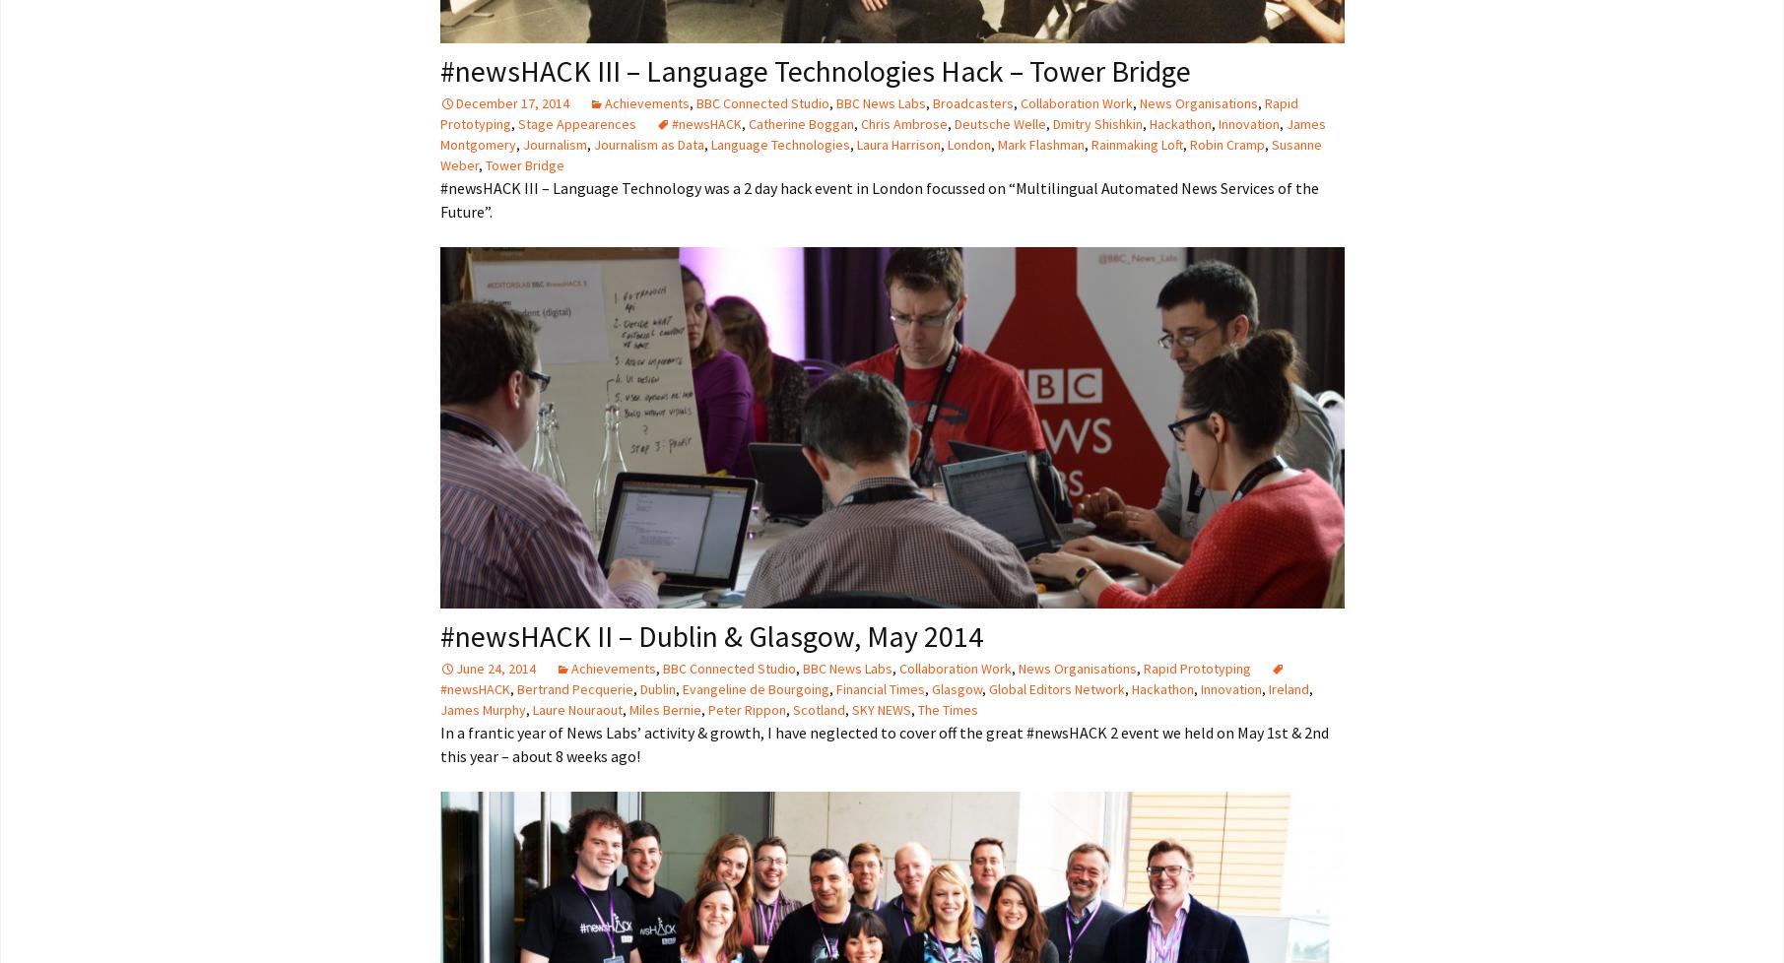 This screenshot has height=963, width=1784. Describe the element at coordinates (791, 709) in the screenshot. I see `'Scotland'` at that location.